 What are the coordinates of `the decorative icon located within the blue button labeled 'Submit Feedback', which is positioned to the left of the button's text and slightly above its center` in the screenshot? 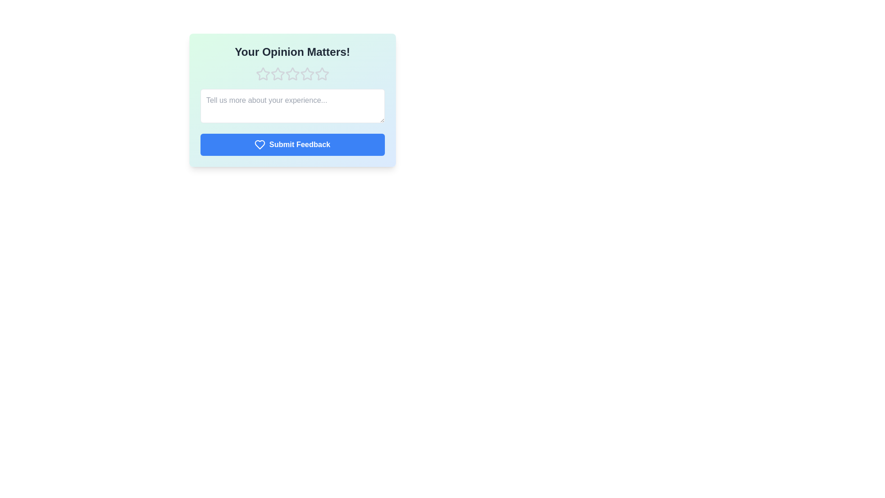 It's located at (260, 144).